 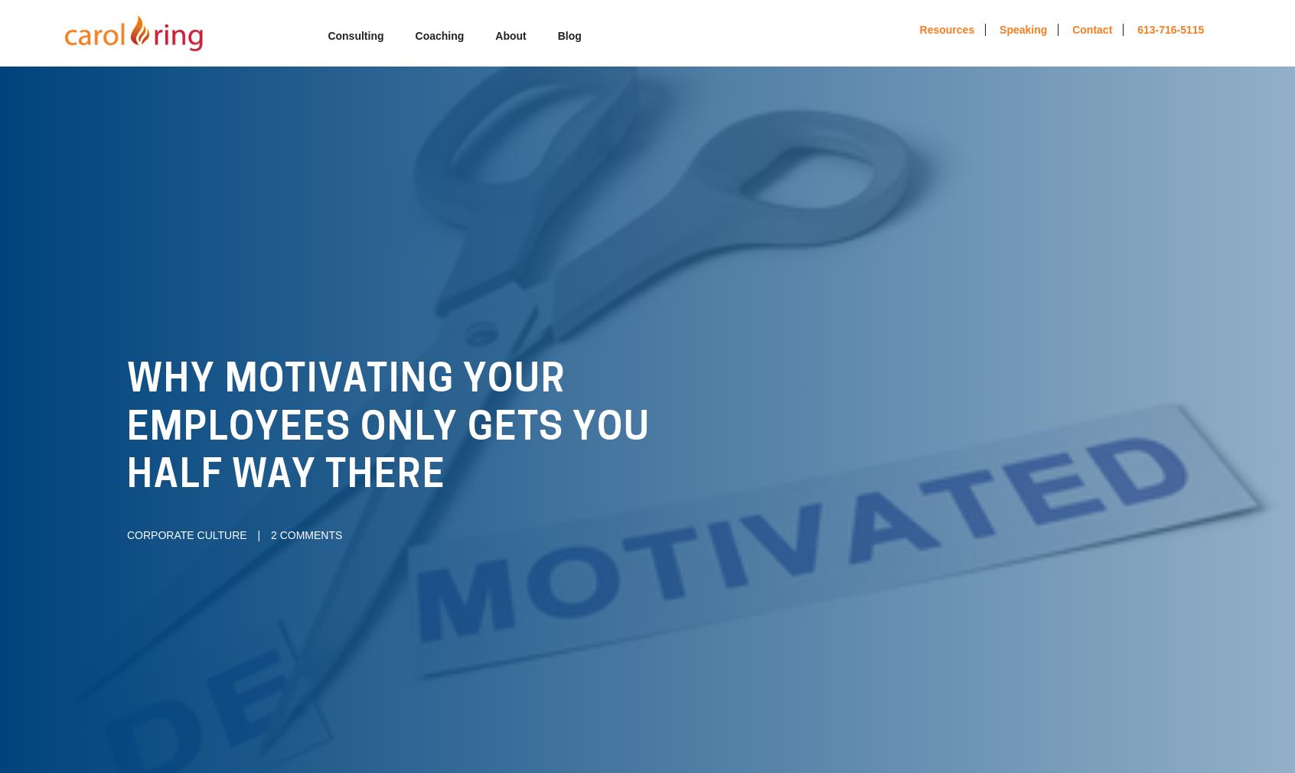 I want to click on '|', so click(x=258, y=534).